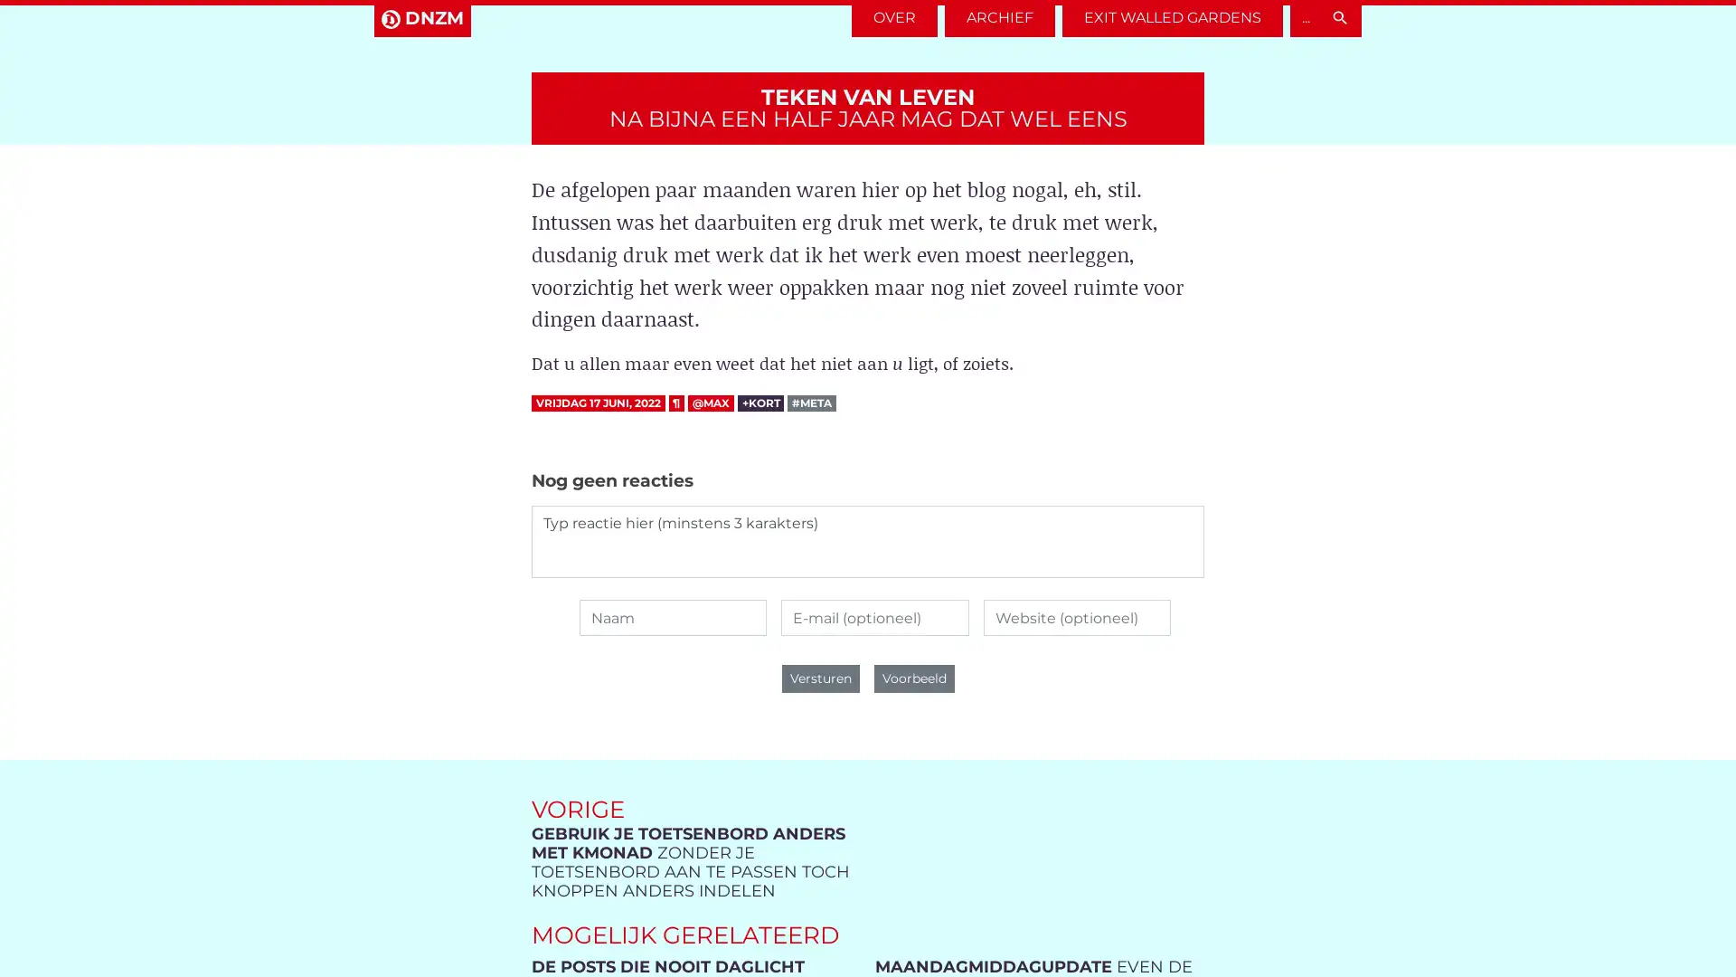 This screenshot has height=977, width=1736. I want to click on Voorbeeld, so click(913, 678).